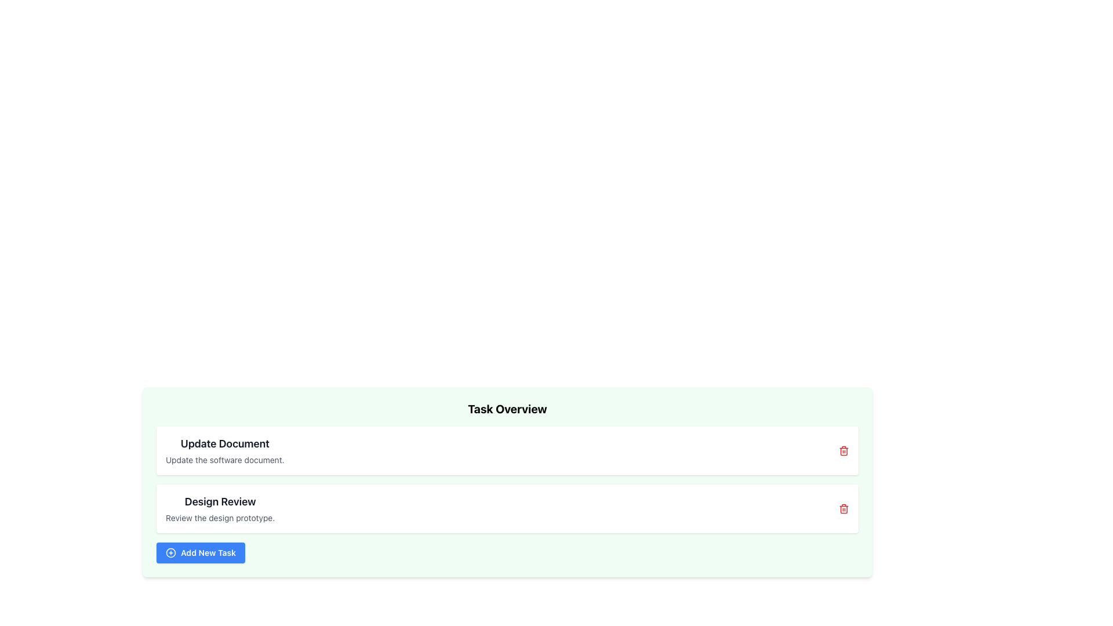 Image resolution: width=1113 pixels, height=626 pixels. I want to click on the text element displaying 'Review the design prototype.' which is styled with a small, subdued gray font and positioned below the title 'Design Review' within a task card, so click(220, 518).